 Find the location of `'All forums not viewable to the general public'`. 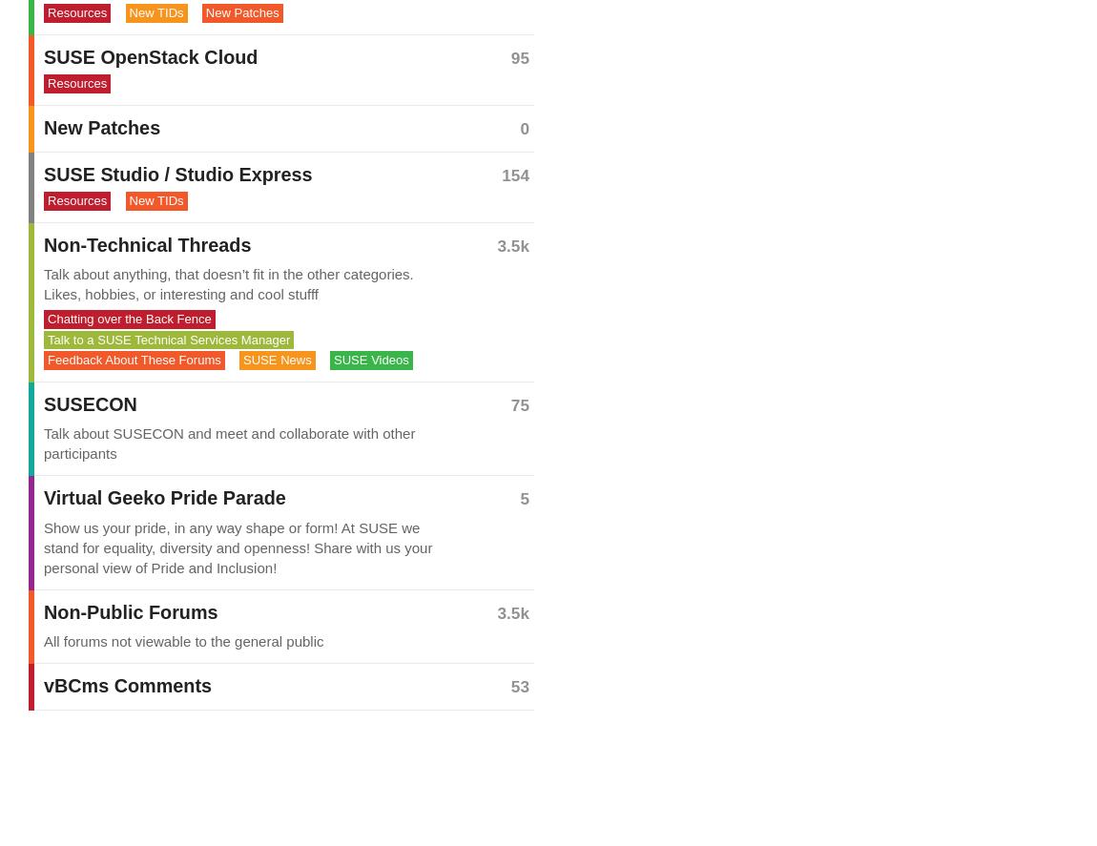

'All forums not viewable to the general public' is located at coordinates (182, 639).